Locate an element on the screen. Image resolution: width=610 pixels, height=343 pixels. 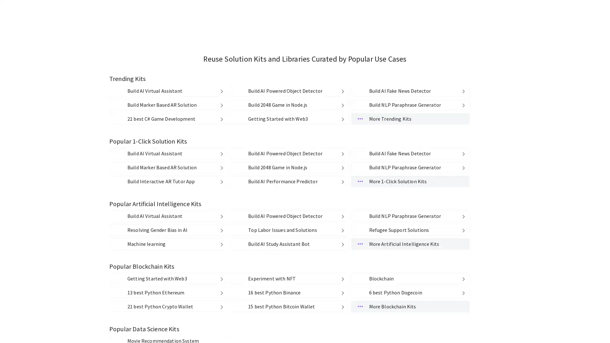
virtual-agent-example-kit Build AI Virtual Assistant is located at coordinates (168, 312).